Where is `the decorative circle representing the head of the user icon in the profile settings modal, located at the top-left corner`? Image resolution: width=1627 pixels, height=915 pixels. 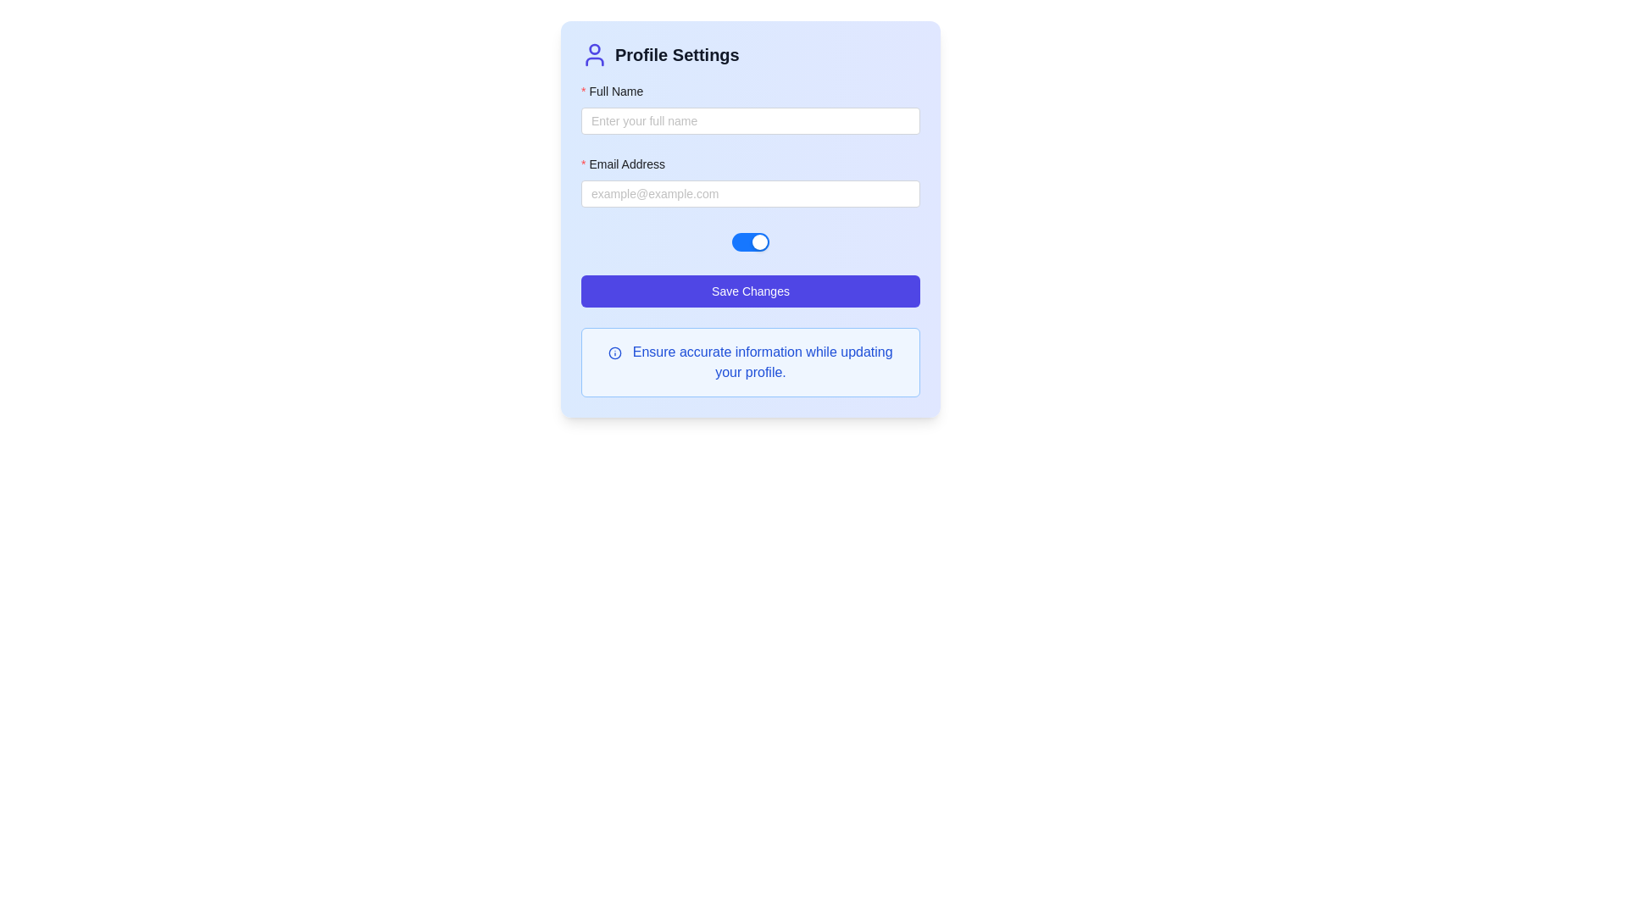
the decorative circle representing the head of the user icon in the profile settings modal, located at the top-left corner is located at coordinates (594, 47).